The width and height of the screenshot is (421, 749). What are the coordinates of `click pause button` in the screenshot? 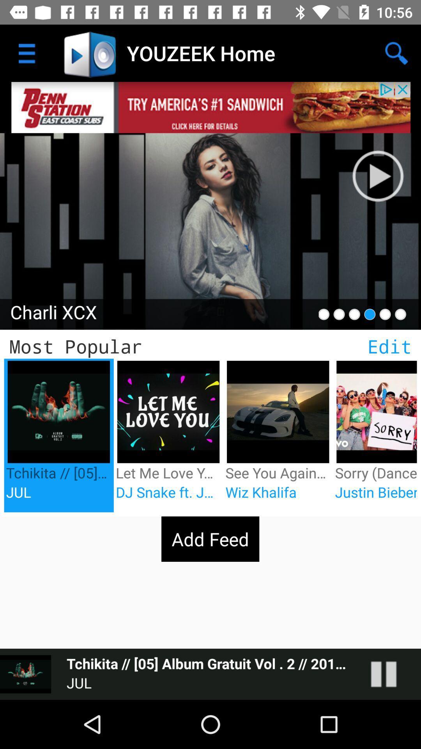 It's located at (386, 167).